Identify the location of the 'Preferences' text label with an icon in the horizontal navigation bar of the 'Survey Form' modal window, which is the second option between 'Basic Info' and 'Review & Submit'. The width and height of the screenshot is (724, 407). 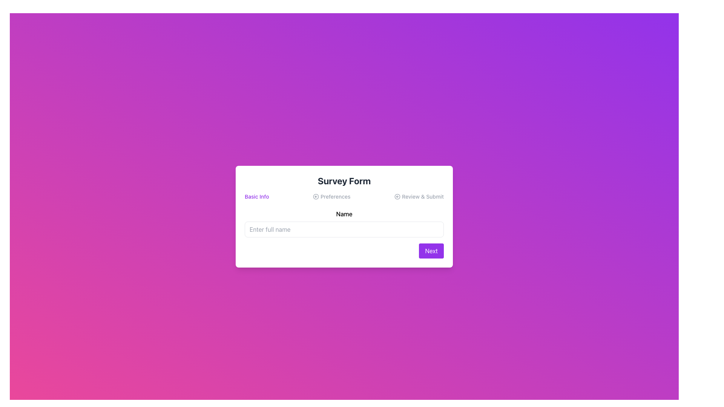
(331, 196).